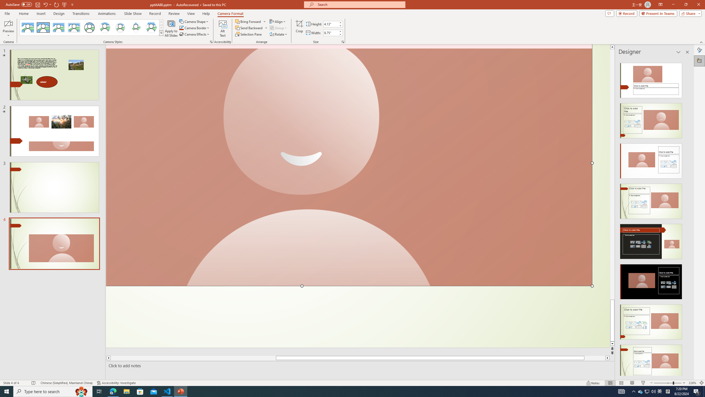  Describe the element at coordinates (251, 27) in the screenshot. I see `'Send Backward'` at that location.